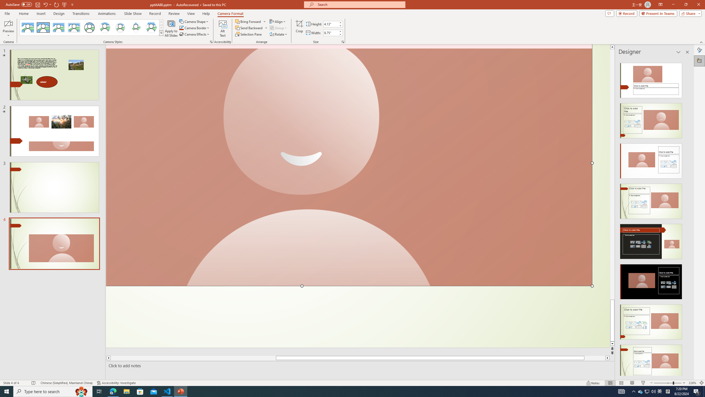  Describe the element at coordinates (251, 27) in the screenshot. I see `'Send Backward'` at that location.